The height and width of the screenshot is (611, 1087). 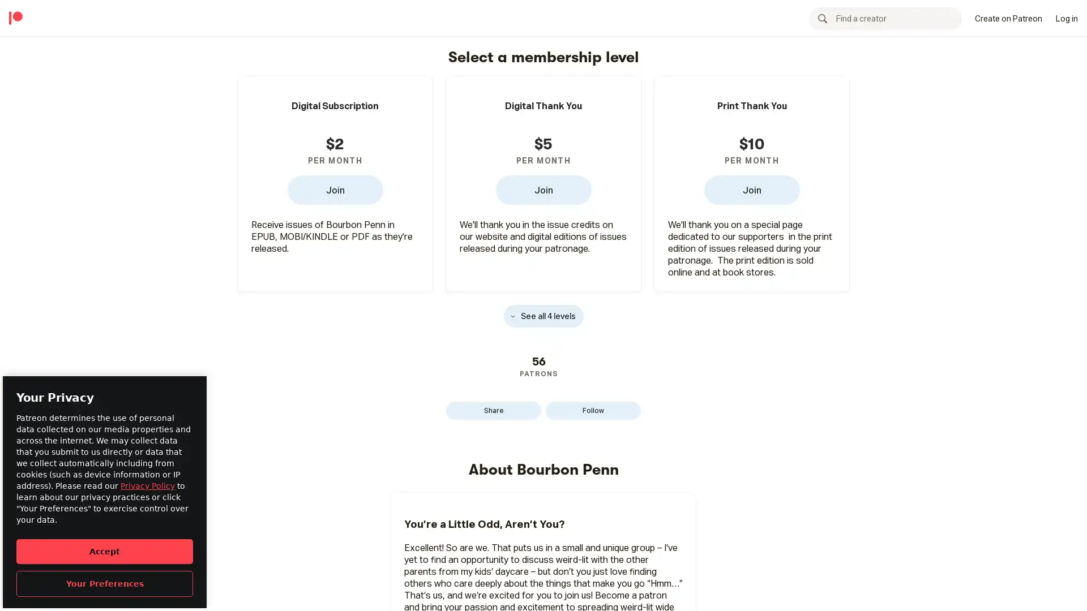 What do you see at coordinates (542, 316) in the screenshot?
I see `See all 4 levels` at bounding box center [542, 316].